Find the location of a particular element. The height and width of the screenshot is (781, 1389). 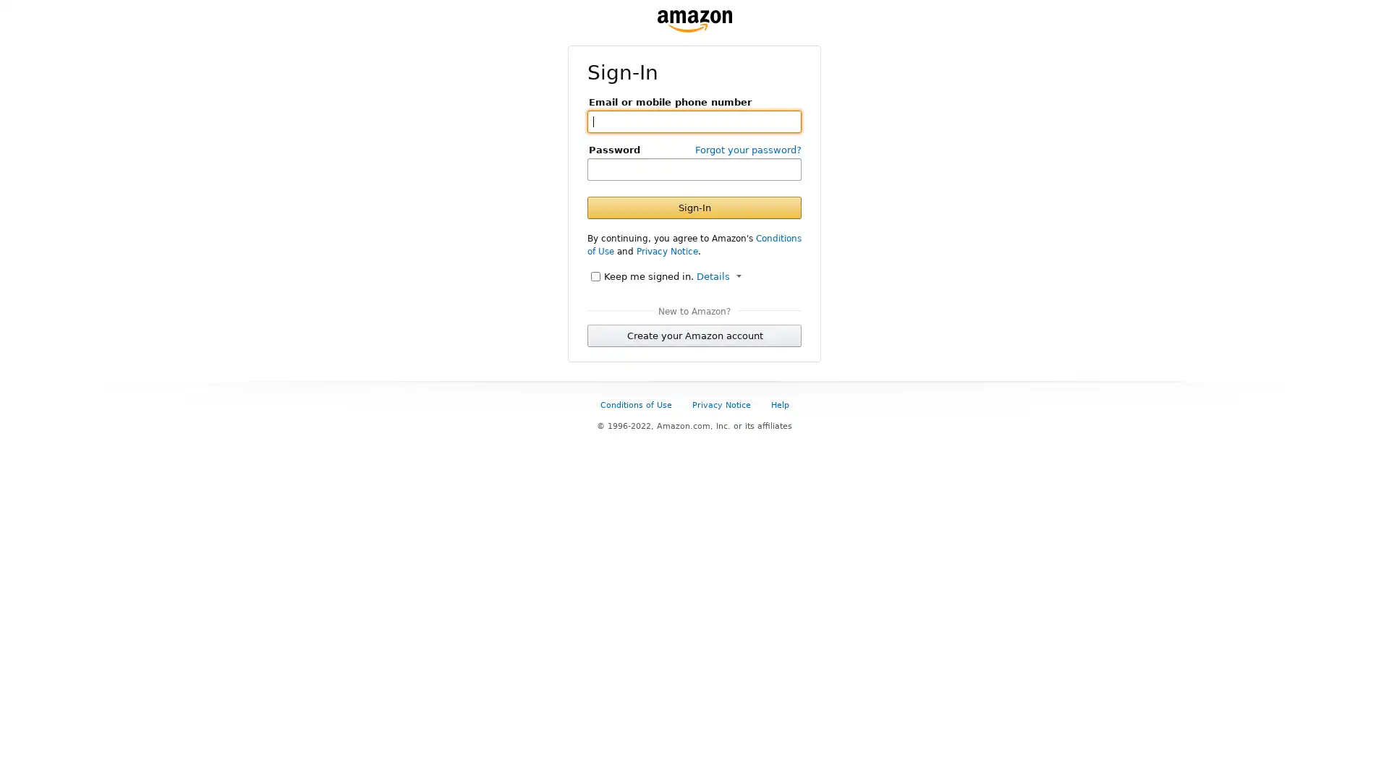

Sign-In is located at coordinates (694, 207).